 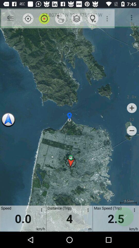 What do you see at coordinates (76, 19) in the screenshot?
I see `icon above the distance (trip)` at bounding box center [76, 19].